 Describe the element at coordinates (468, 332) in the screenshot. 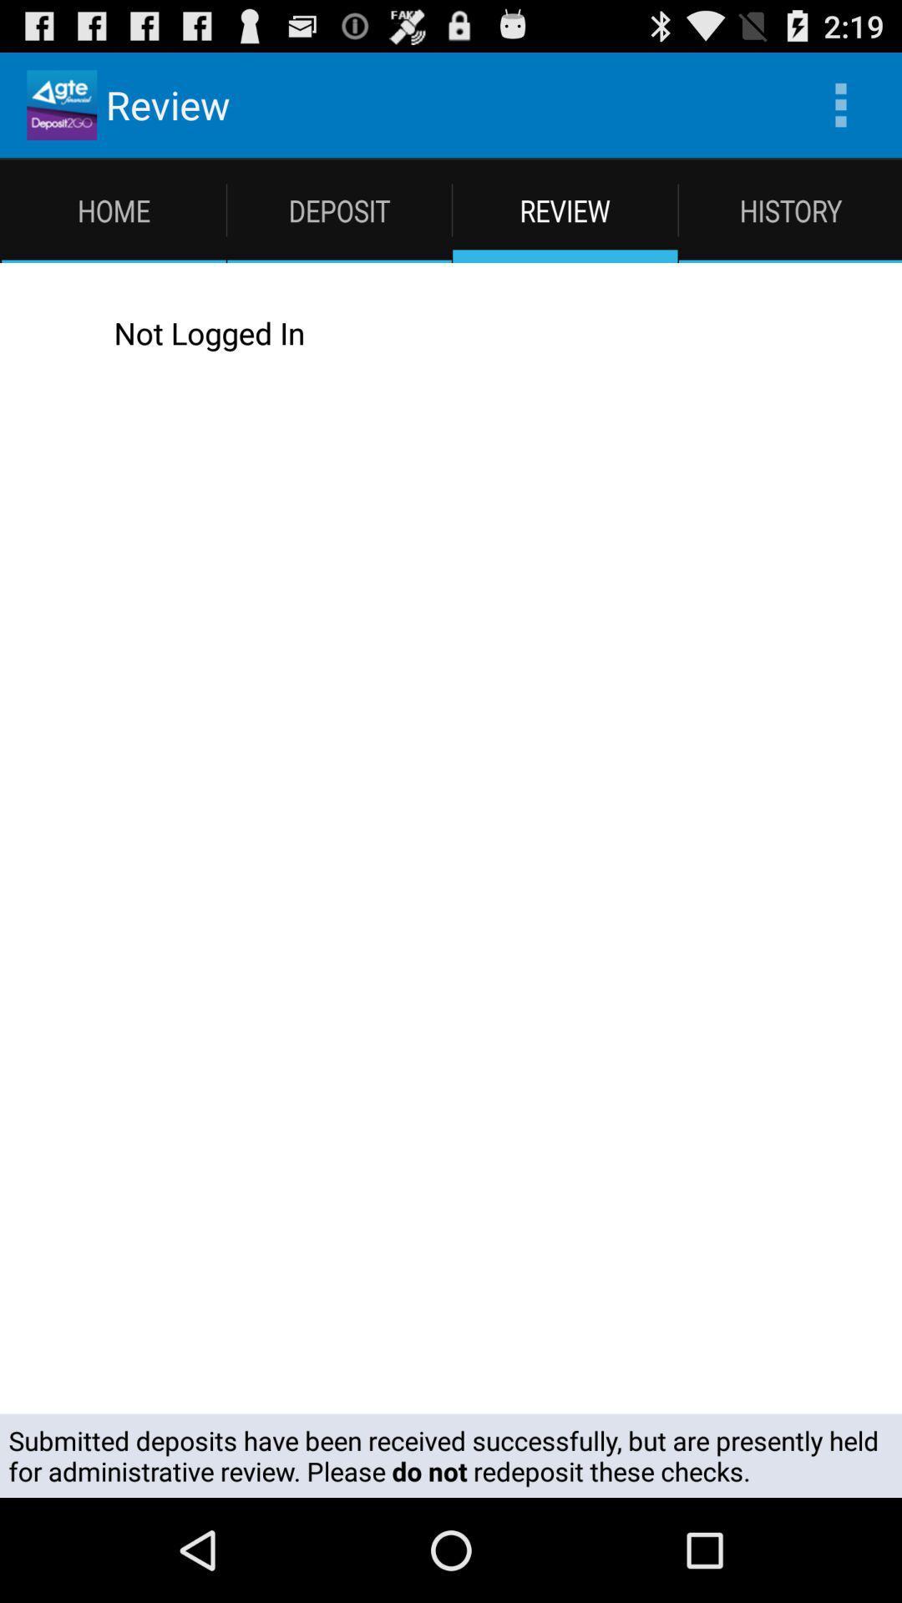

I see `the not logged in app` at that location.